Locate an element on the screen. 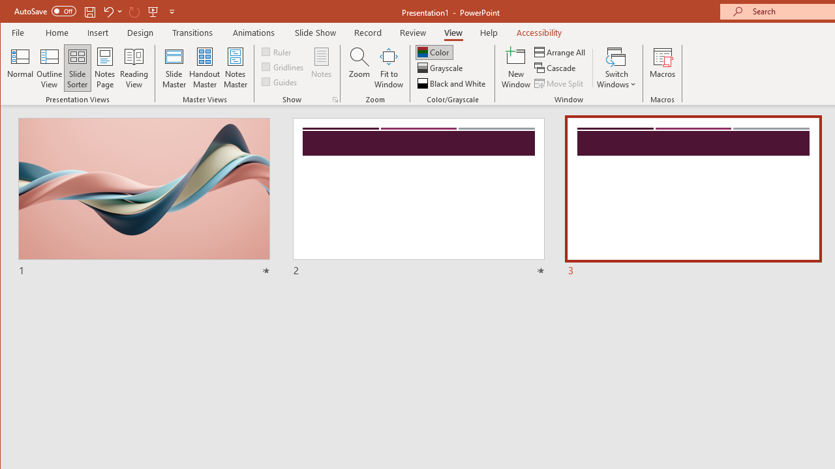 This screenshot has height=469, width=835. 'Zoom...' is located at coordinates (359, 68).